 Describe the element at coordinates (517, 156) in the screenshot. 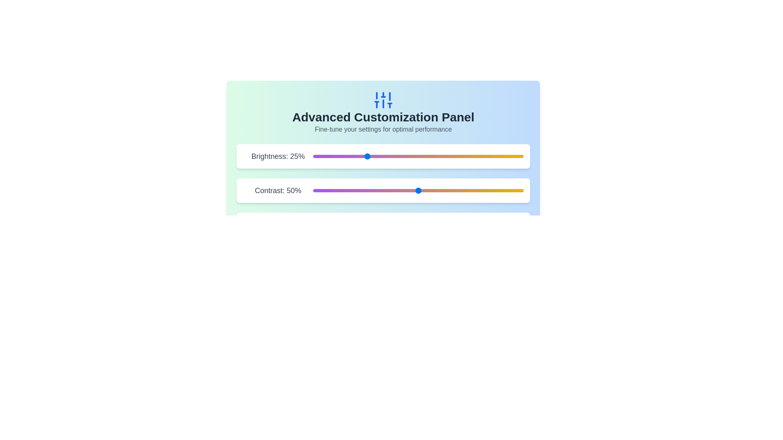

I see `the brightness slider to 97%` at that location.